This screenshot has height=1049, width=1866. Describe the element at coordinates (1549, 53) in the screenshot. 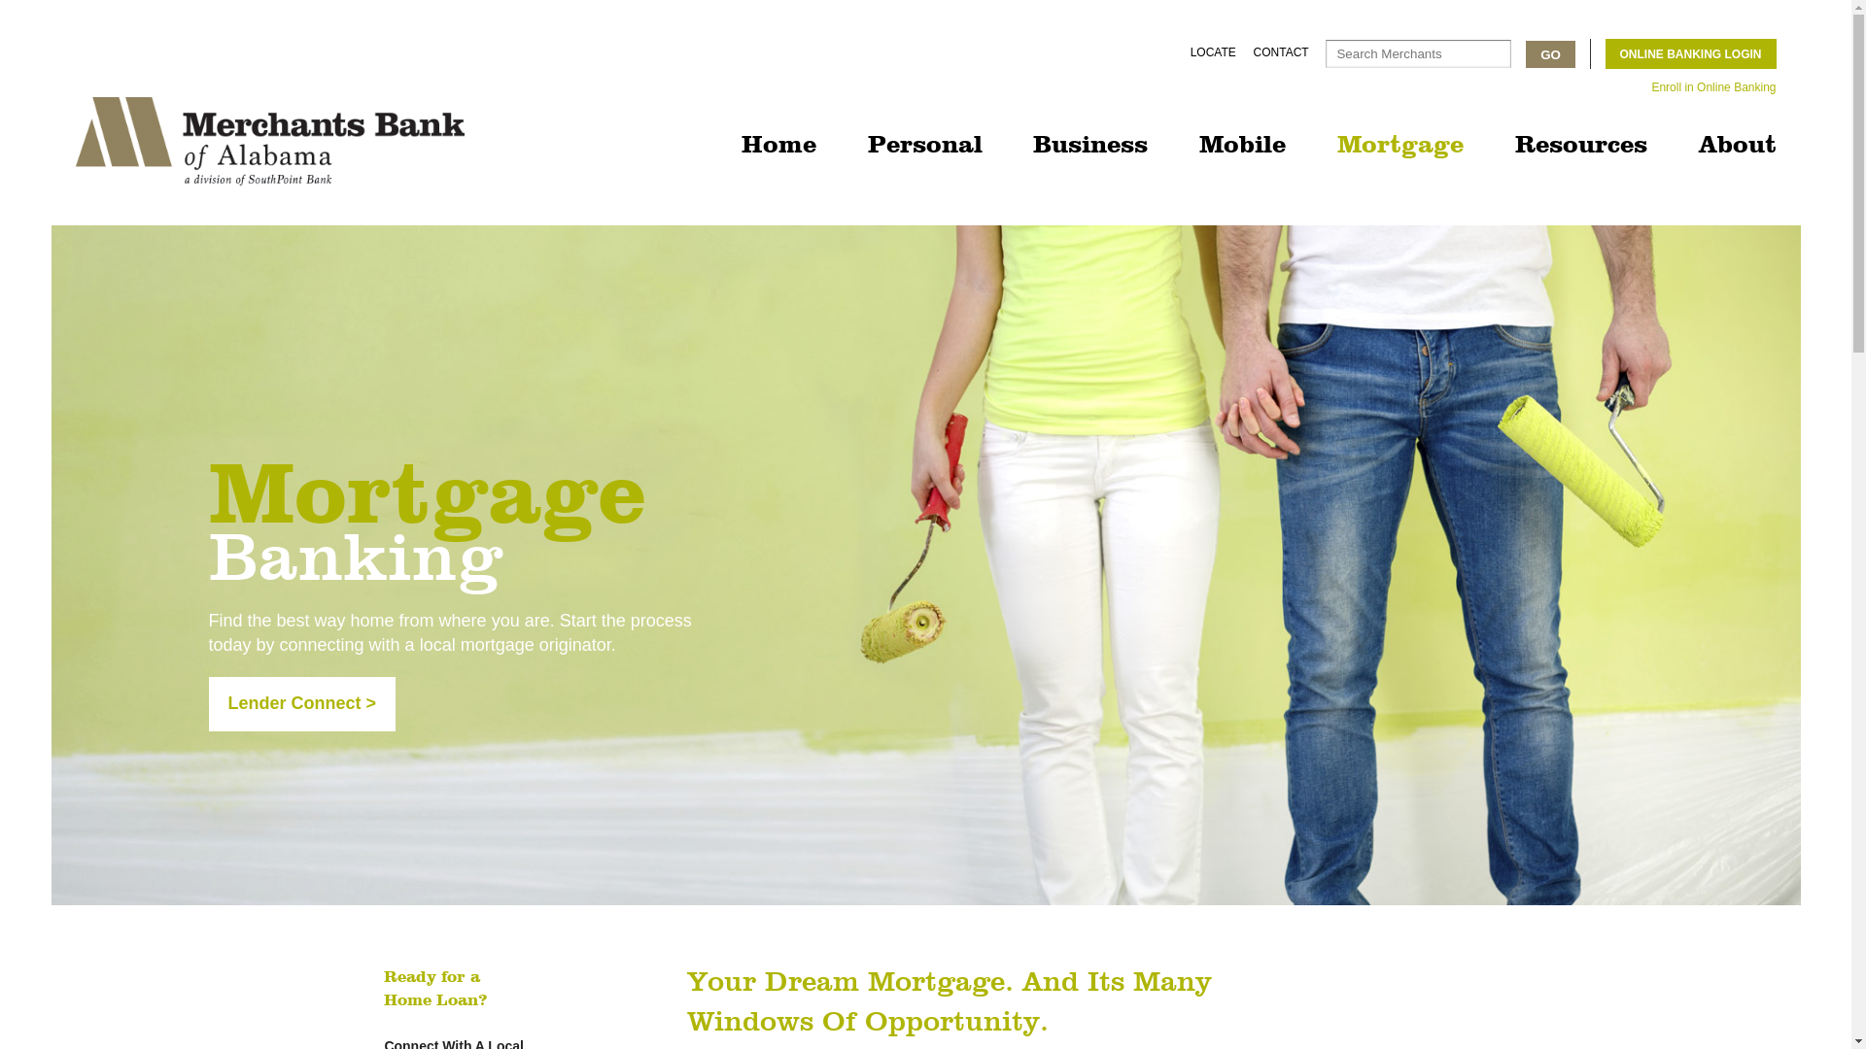

I see `'GO'` at that location.